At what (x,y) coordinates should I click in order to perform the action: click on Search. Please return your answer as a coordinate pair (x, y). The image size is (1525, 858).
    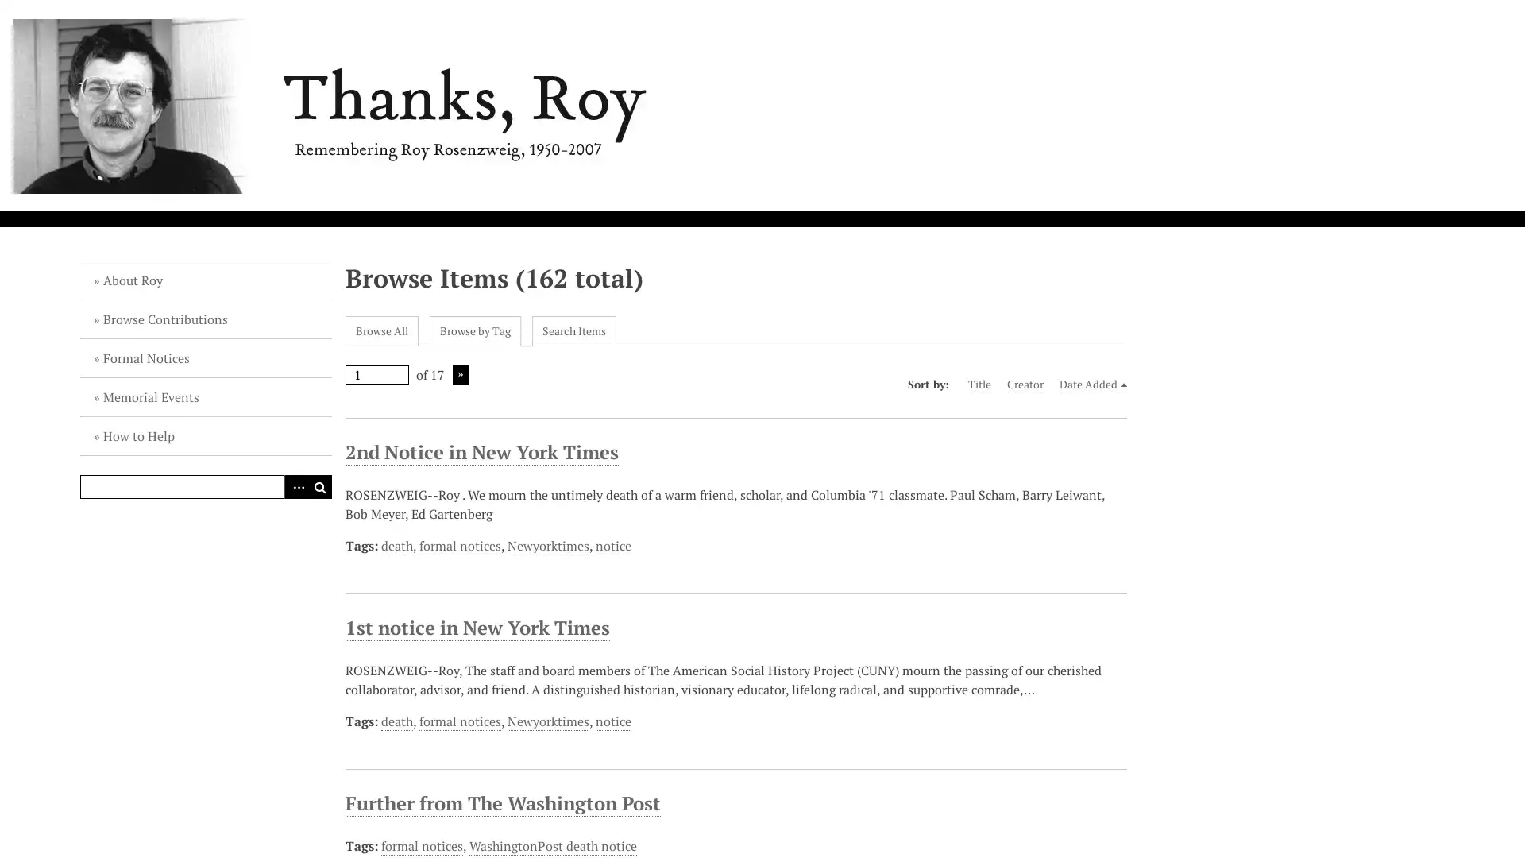
    Looking at the image, I should click on (319, 486).